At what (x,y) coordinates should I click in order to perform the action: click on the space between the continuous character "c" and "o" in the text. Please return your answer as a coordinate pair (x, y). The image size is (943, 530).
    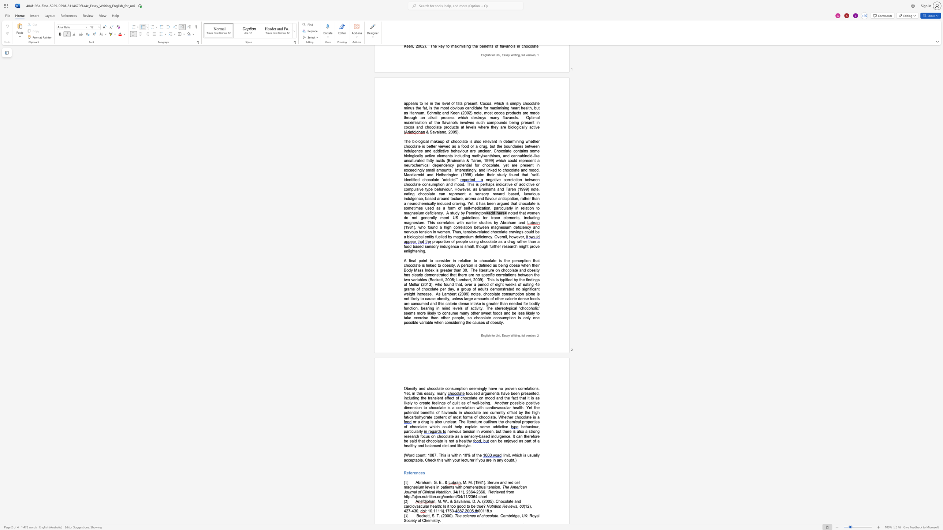
    Looking at the image, I should click on (490, 515).